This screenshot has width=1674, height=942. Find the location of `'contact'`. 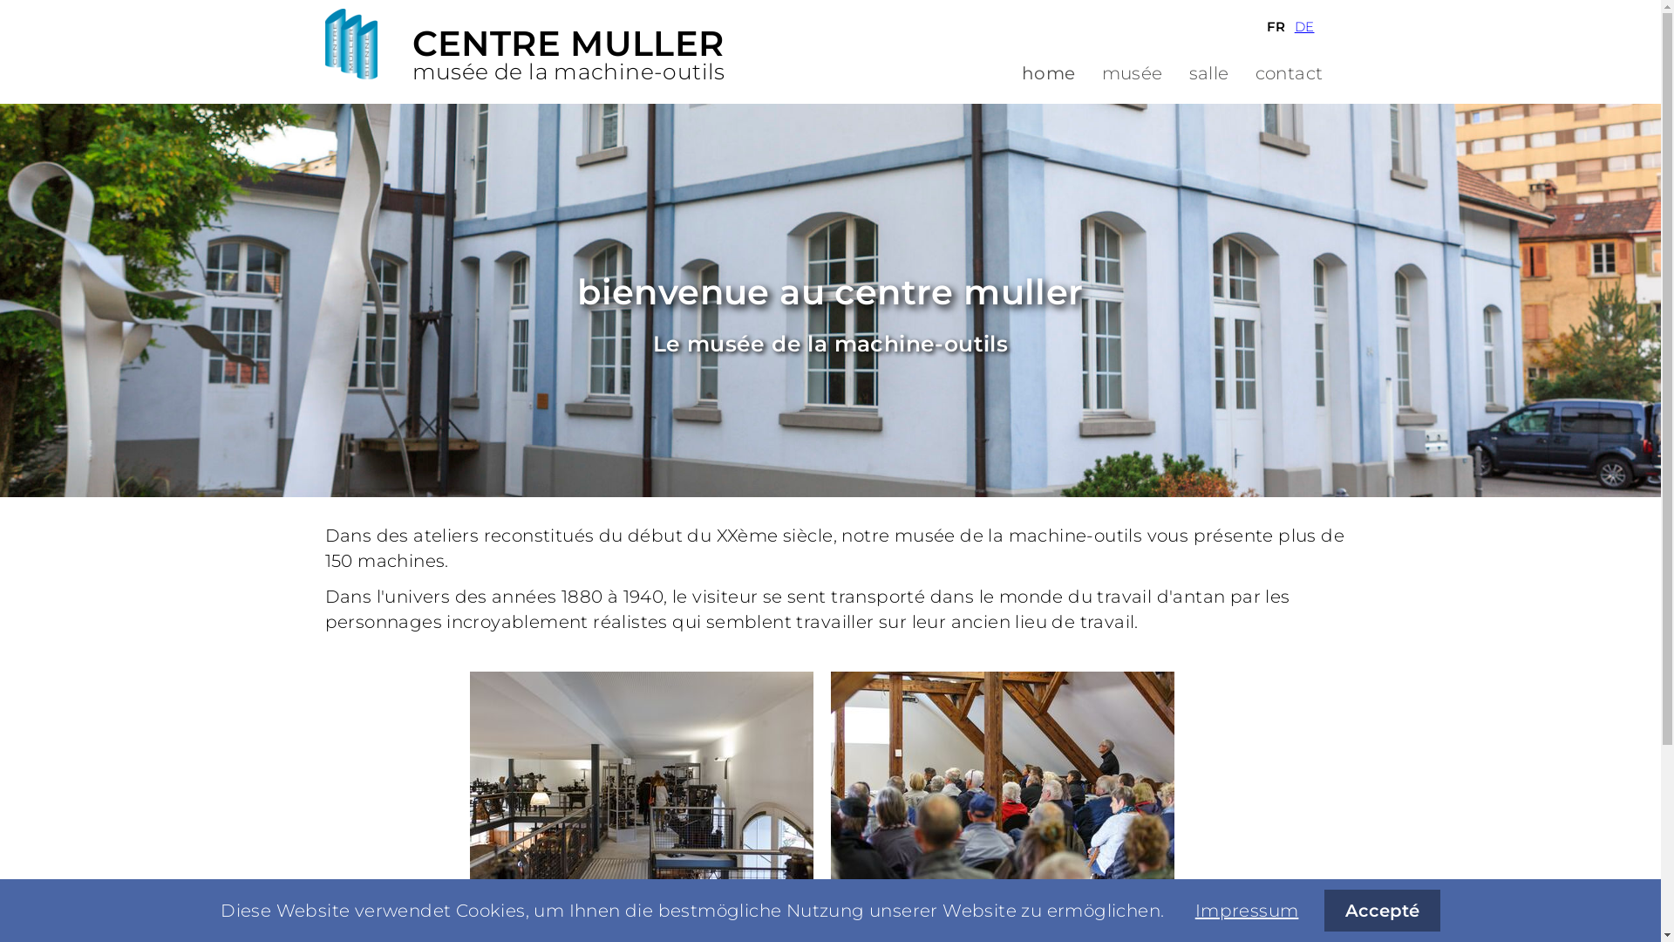

'contact' is located at coordinates (1255, 72).